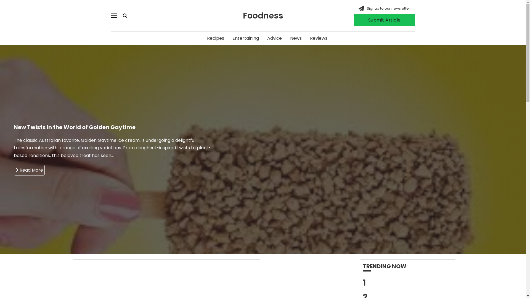  What do you see at coordinates (232, 38) in the screenshot?
I see `'Entertaining'` at bounding box center [232, 38].